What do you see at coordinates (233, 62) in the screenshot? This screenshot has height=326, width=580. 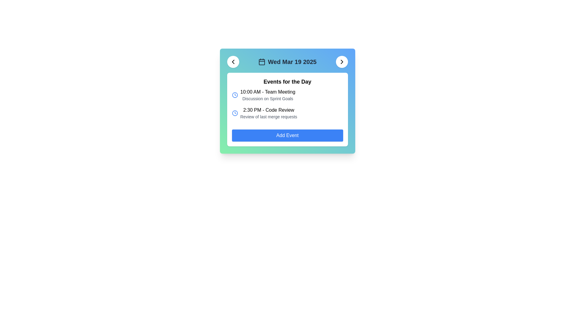 I see `the navigation button located at the top left of the card interface, which is positioned to the left of the date text 'Wed Mar 19 2025'` at bounding box center [233, 62].